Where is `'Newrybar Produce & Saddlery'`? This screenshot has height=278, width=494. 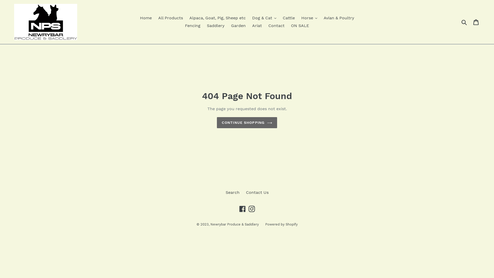
'Newrybar Produce & Saddlery' is located at coordinates (234, 224).